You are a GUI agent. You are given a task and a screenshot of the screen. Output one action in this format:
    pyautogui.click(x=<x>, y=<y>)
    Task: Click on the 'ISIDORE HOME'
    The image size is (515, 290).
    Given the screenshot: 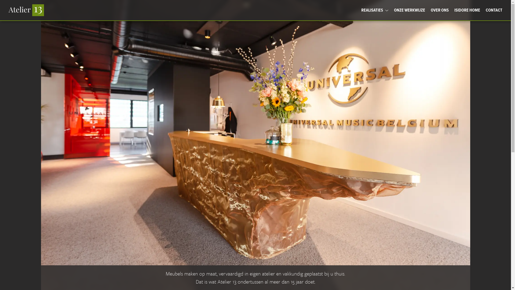 What is the action you would take?
    pyautogui.click(x=467, y=10)
    